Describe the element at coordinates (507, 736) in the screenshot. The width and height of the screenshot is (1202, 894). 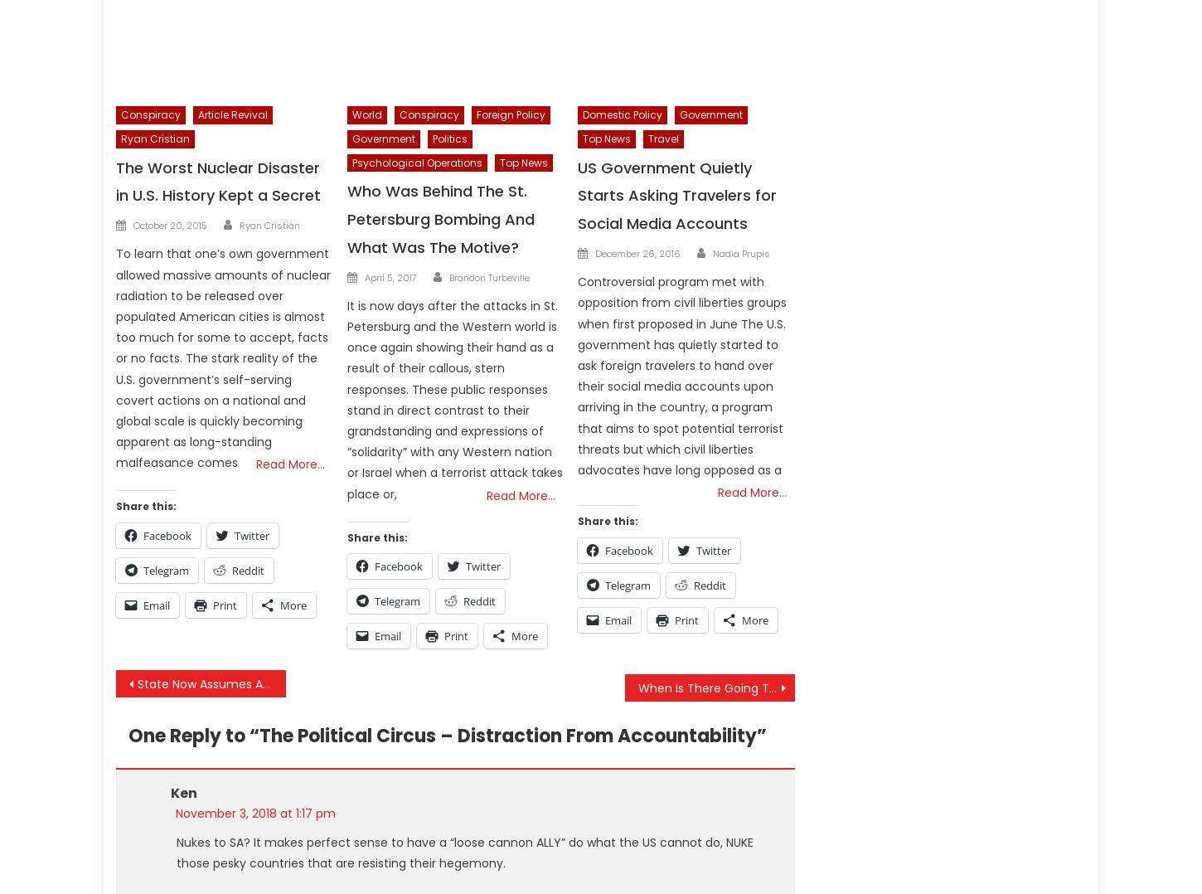
I see `'The Political Circus – Distraction From Accountability'` at that location.